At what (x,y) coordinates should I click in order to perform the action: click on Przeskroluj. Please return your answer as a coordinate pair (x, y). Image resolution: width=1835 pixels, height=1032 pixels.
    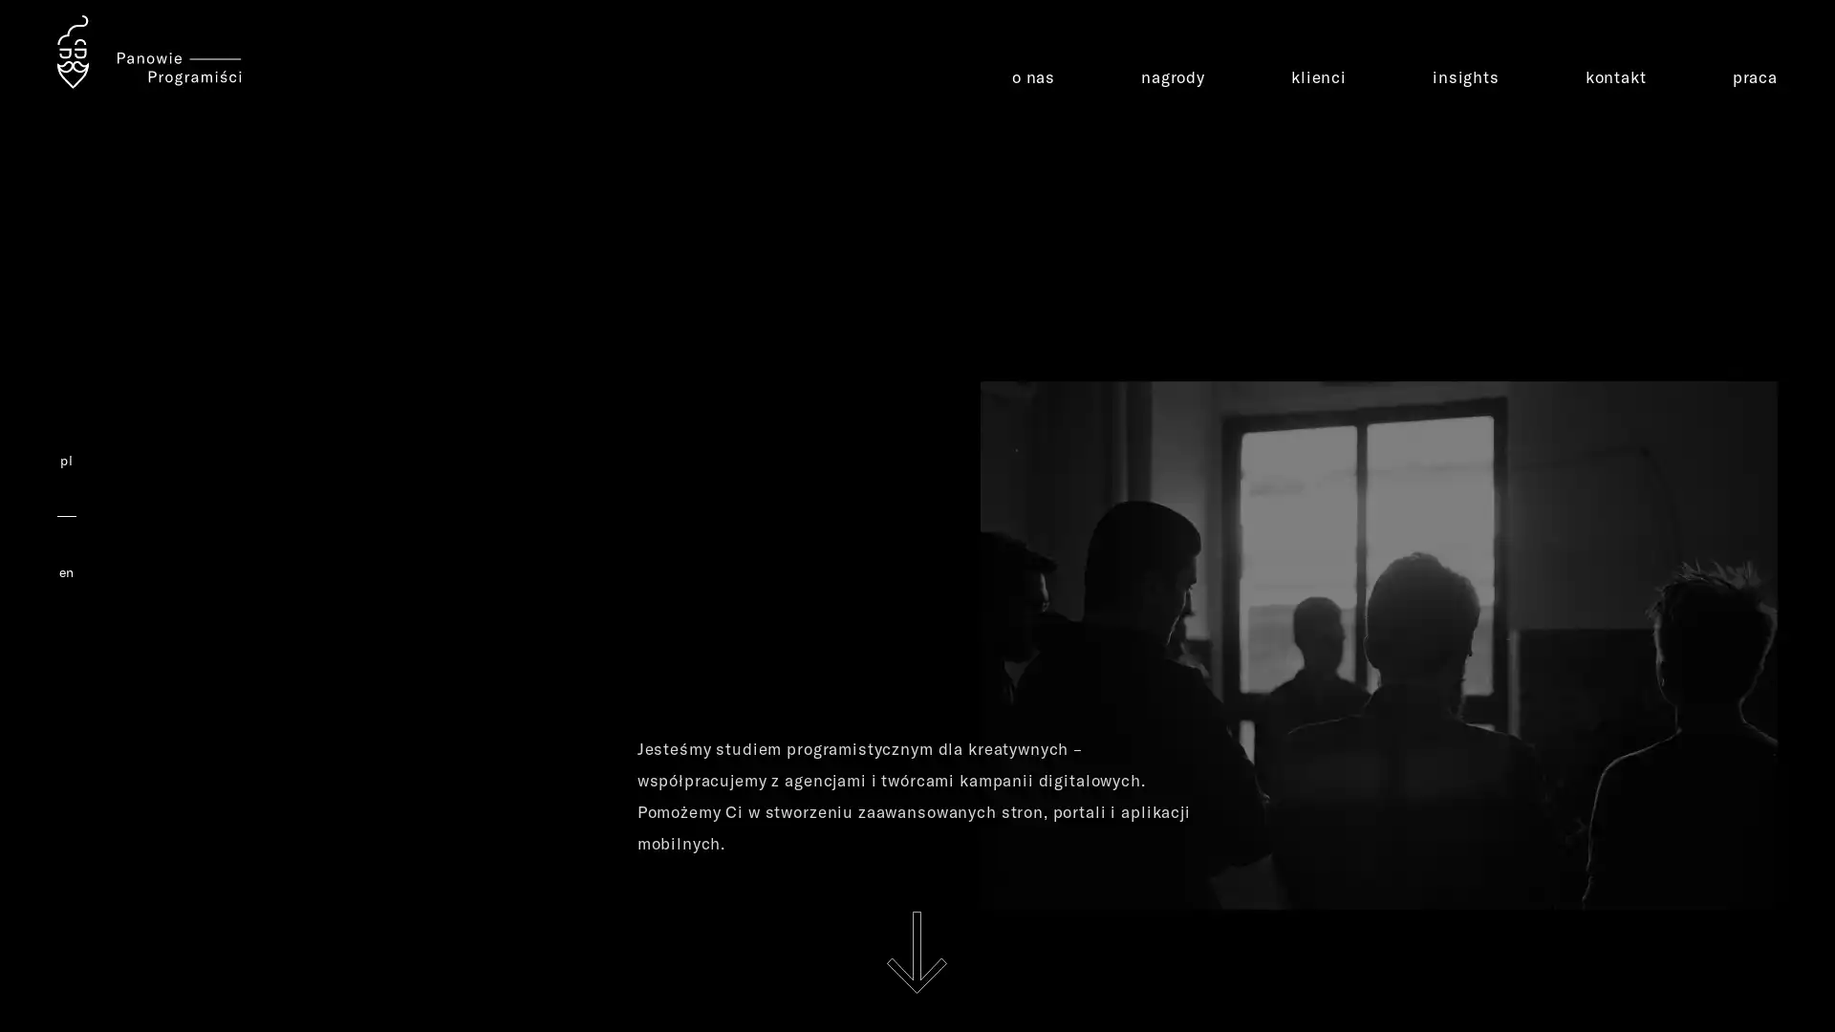
    Looking at the image, I should click on (916, 952).